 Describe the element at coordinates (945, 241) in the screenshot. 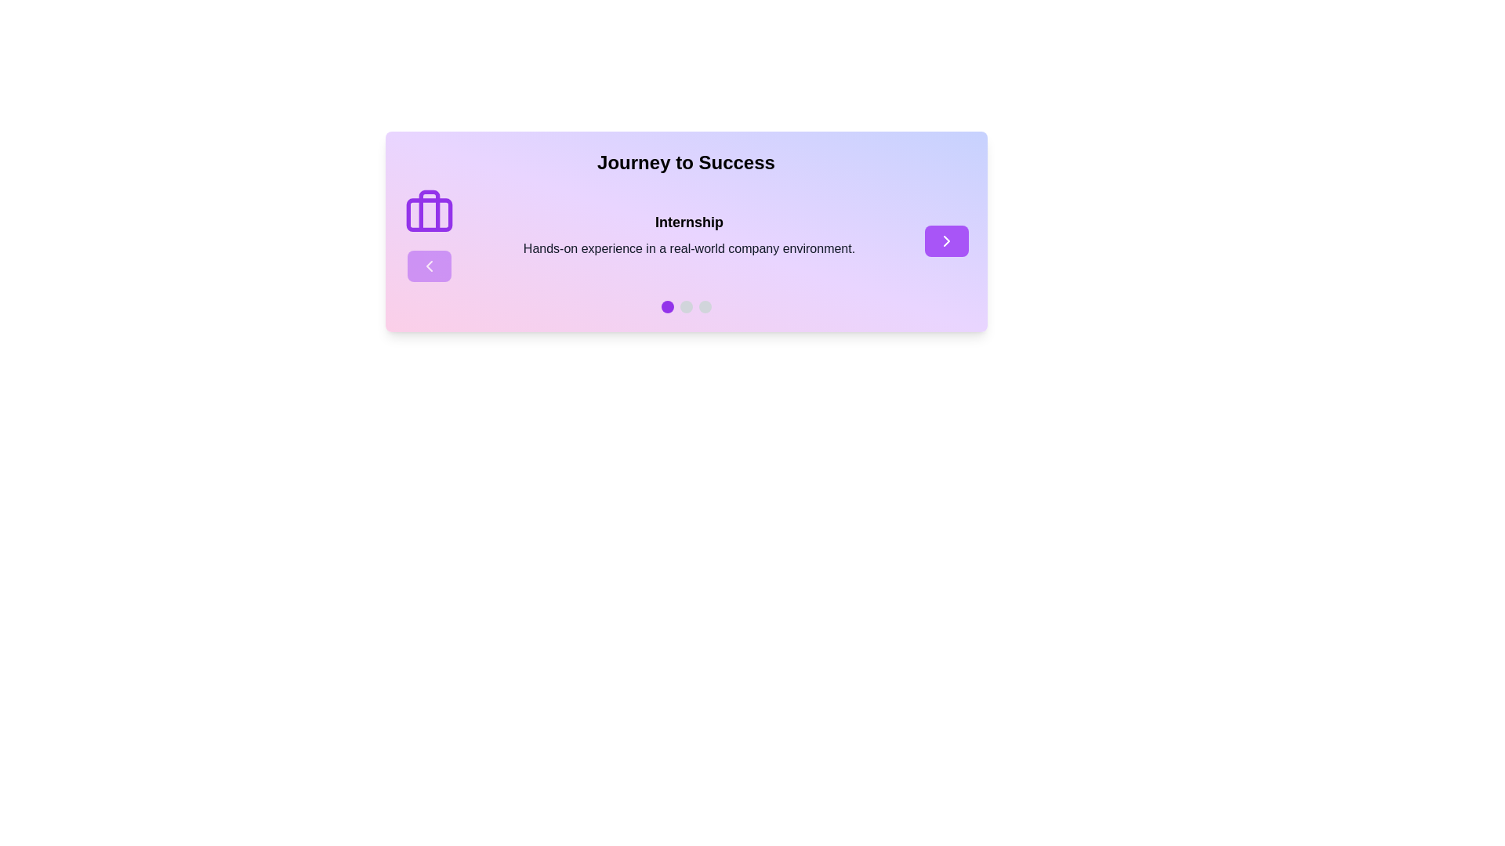

I see `the arrow-shaped navigation indicator located within the rectangular button in the right-middle portion of the card component` at that location.